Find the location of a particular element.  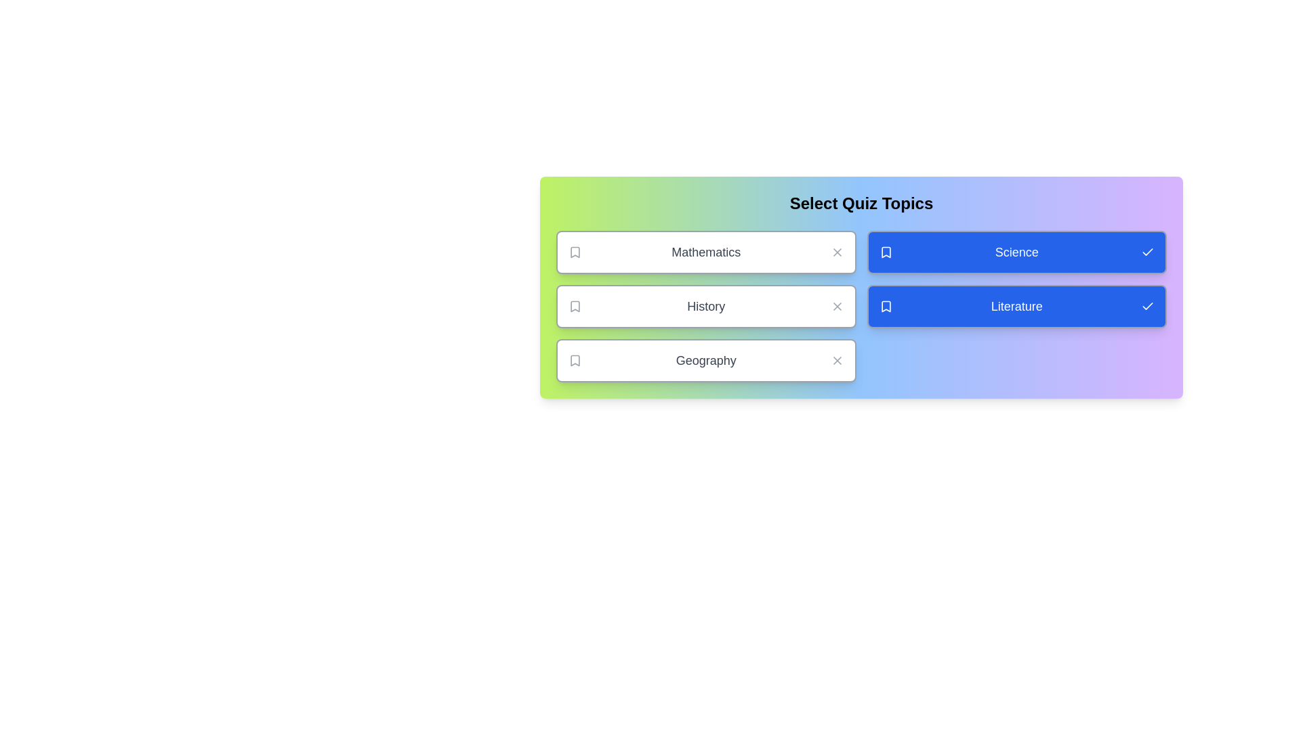

the heading text 'Select Quiz Topics' to interact with it is located at coordinates (861, 203).